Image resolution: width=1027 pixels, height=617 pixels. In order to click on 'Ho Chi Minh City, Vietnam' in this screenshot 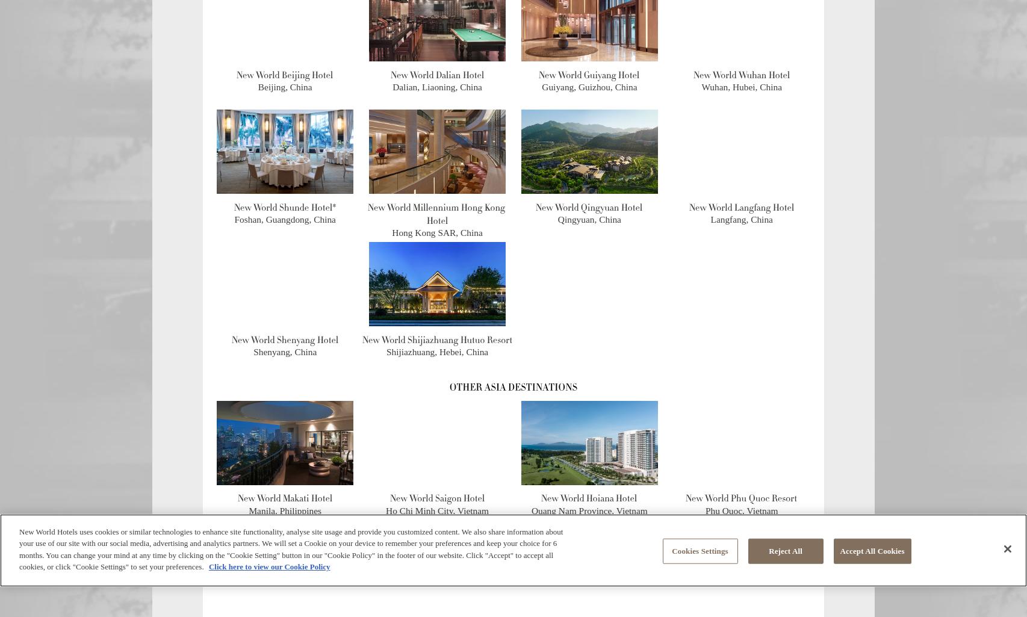, I will do `click(436, 510)`.